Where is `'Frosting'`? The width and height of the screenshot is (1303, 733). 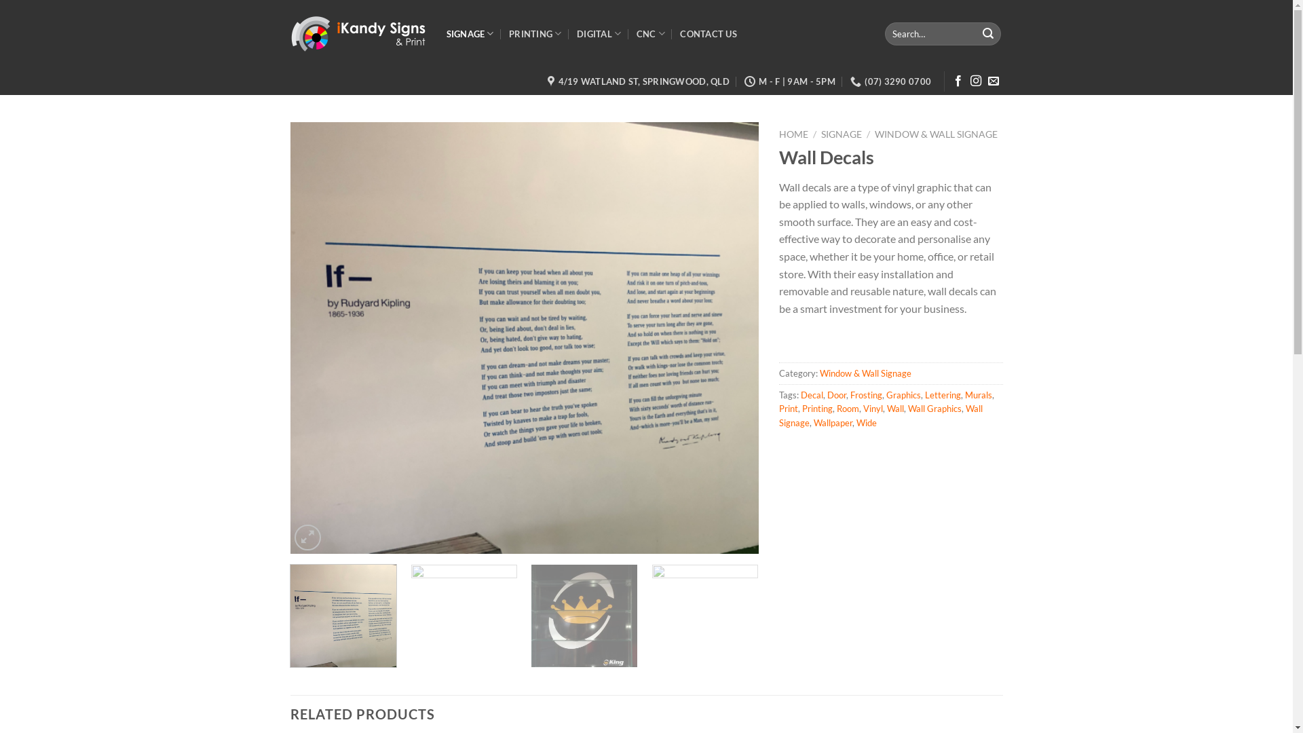 'Frosting' is located at coordinates (849, 395).